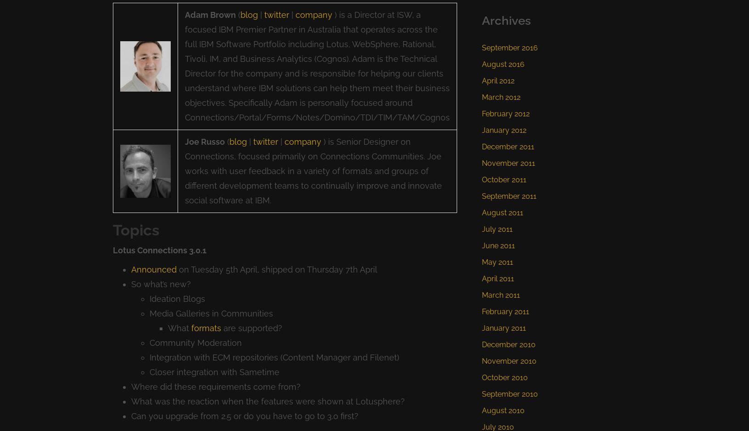  What do you see at coordinates (317, 65) in the screenshot?
I see `') is a Director at ISW, a focused IBM Premier Partner in Australia that operates across the full IBM Software Portfolio including Lotus, WebSphere, Rational, Tivoli, IM, and Business Analytics (Cognos). Adam is the Technical Director for the company and is responsible for helping our clients understand where IBM solutions can help them meet their business objectives. Specifically Adam is personally focused around Connections/Portal/Forms/Notes/Domino/TDI/TIM/TAM/Cognos'` at bounding box center [317, 65].